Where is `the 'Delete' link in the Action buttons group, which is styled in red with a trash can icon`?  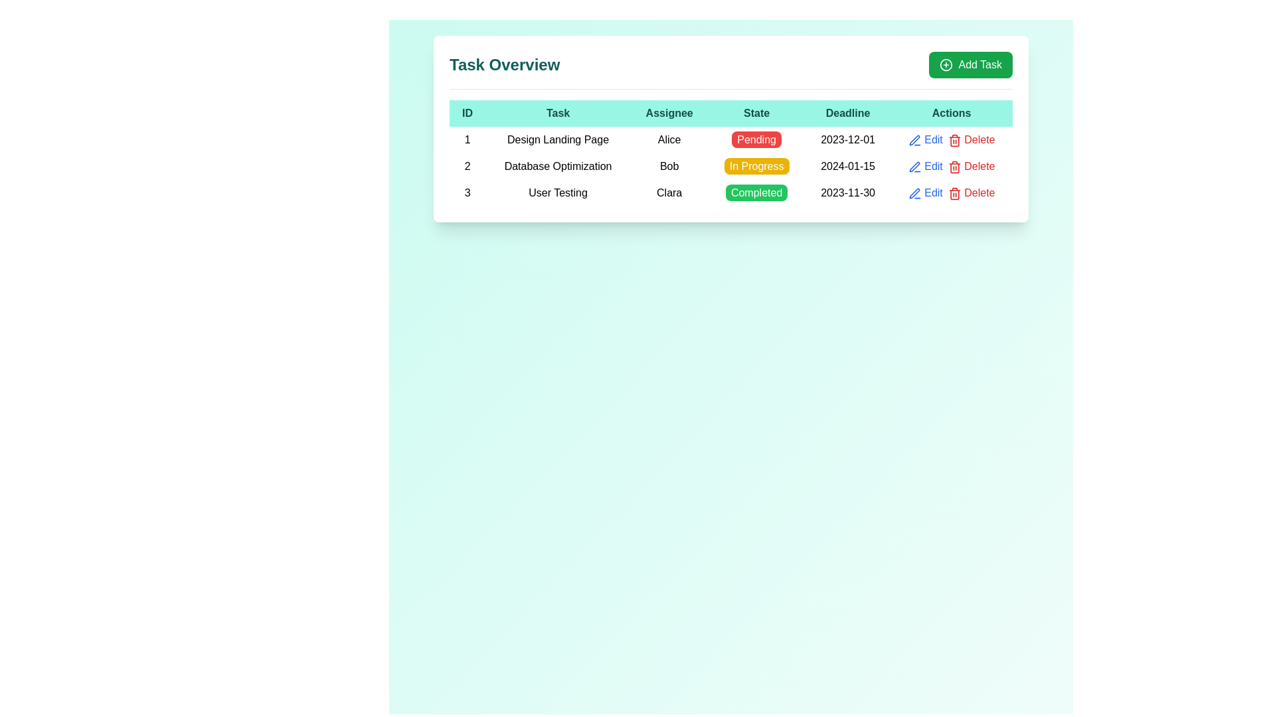 the 'Delete' link in the Action buttons group, which is styled in red with a trash can icon is located at coordinates (951, 140).